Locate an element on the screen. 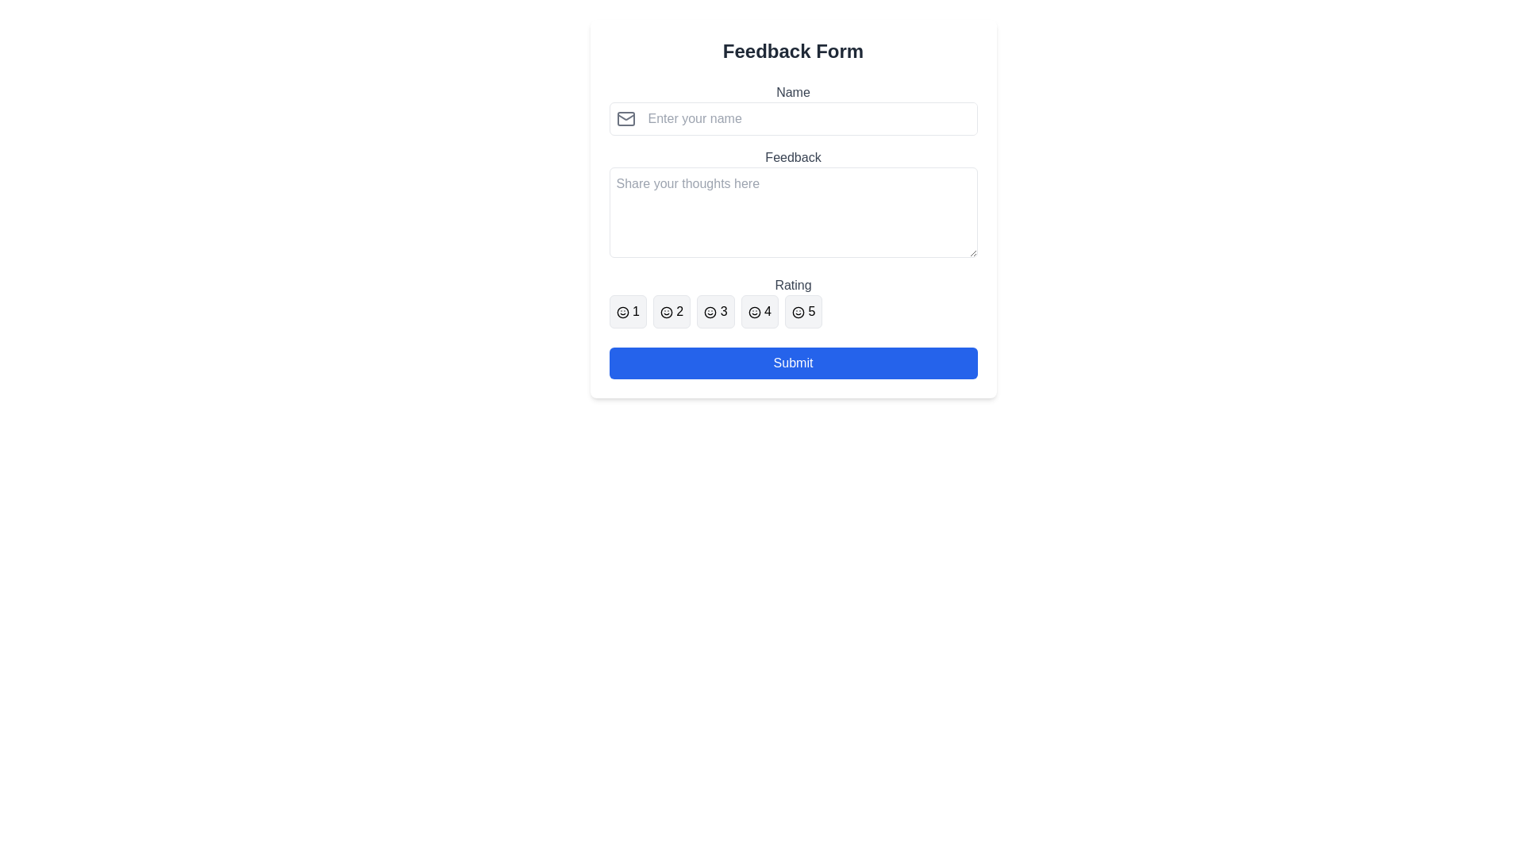 This screenshot has height=857, width=1524. the rating selection button, which is the fifth button in a horizontal list for selecting ratings is located at coordinates (803, 312).